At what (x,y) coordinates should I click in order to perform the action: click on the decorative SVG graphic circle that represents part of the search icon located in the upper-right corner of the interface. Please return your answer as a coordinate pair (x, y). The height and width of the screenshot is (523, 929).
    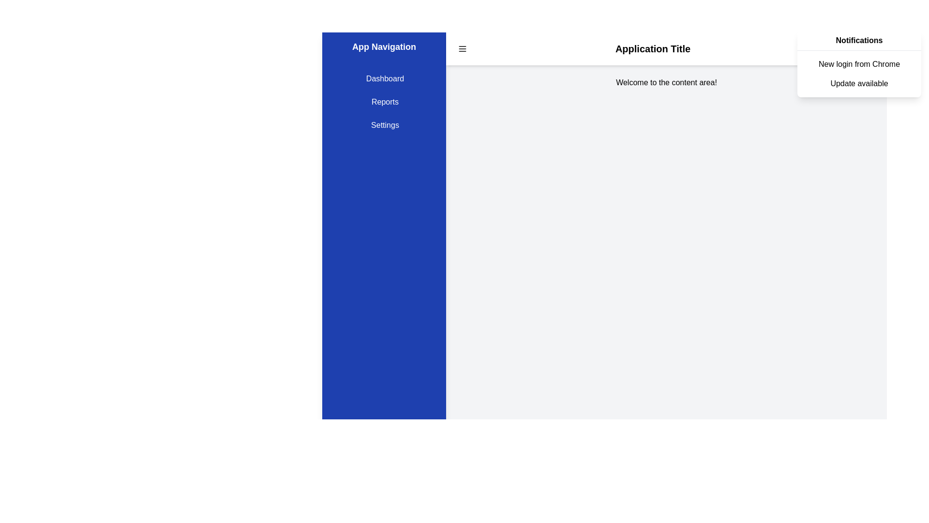
    Looking at the image, I should click on (839, 48).